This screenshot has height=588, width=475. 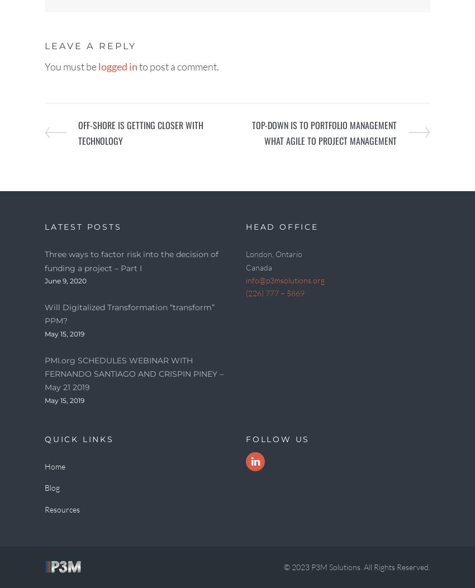 What do you see at coordinates (131, 260) in the screenshot?
I see `'Three ways to factor risk into the decision of funding a project – Part I'` at bounding box center [131, 260].